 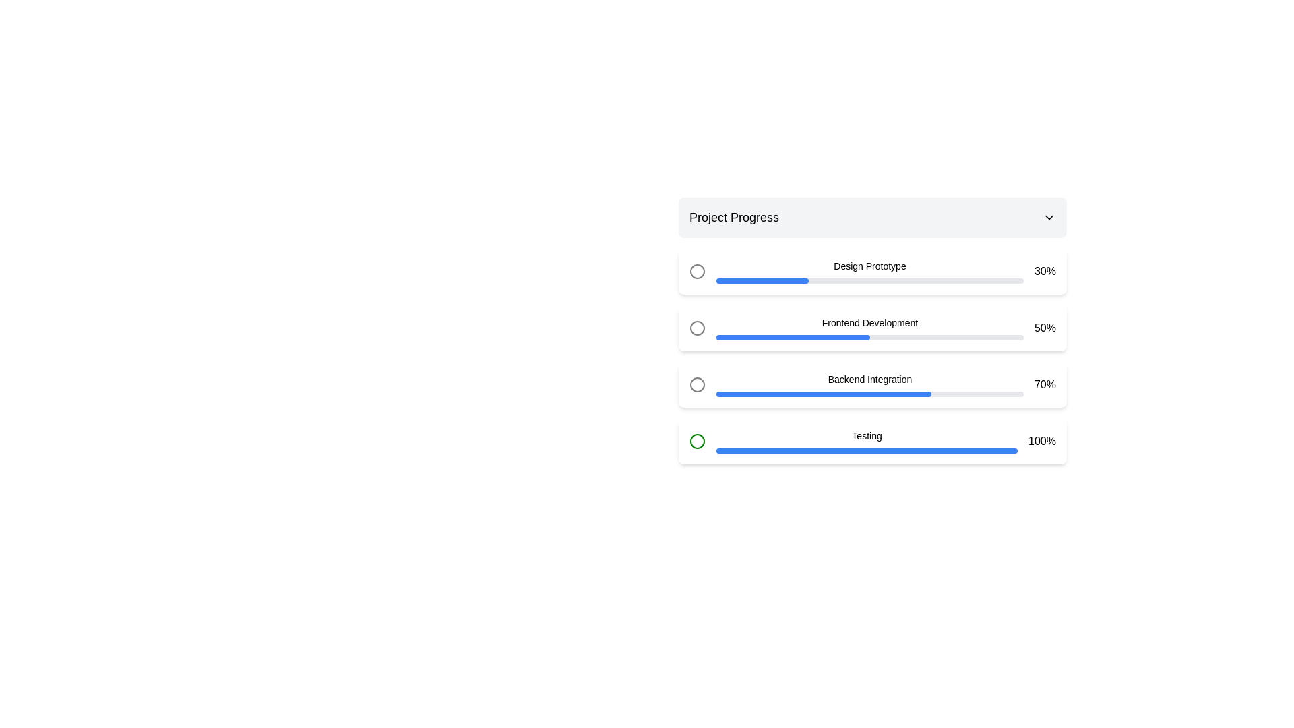 I want to click on the text label reading 'Frontend Development', which is the second label in the vertical list of progress items in the 'Project Progress' section, located above a blue progress bar, so click(x=870, y=322).